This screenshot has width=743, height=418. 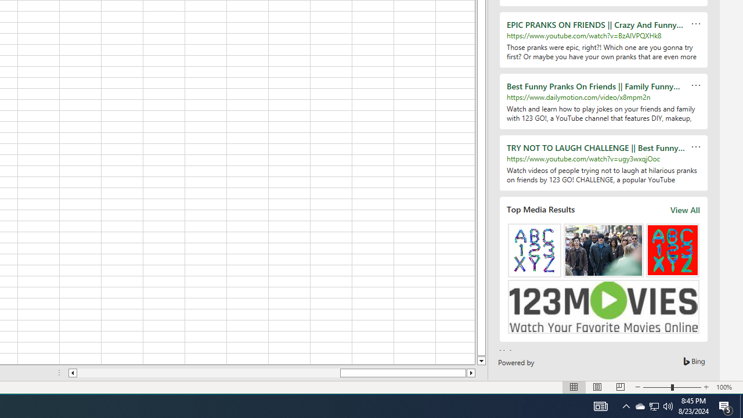 I want to click on 'Column left', so click(x=71, y=373).